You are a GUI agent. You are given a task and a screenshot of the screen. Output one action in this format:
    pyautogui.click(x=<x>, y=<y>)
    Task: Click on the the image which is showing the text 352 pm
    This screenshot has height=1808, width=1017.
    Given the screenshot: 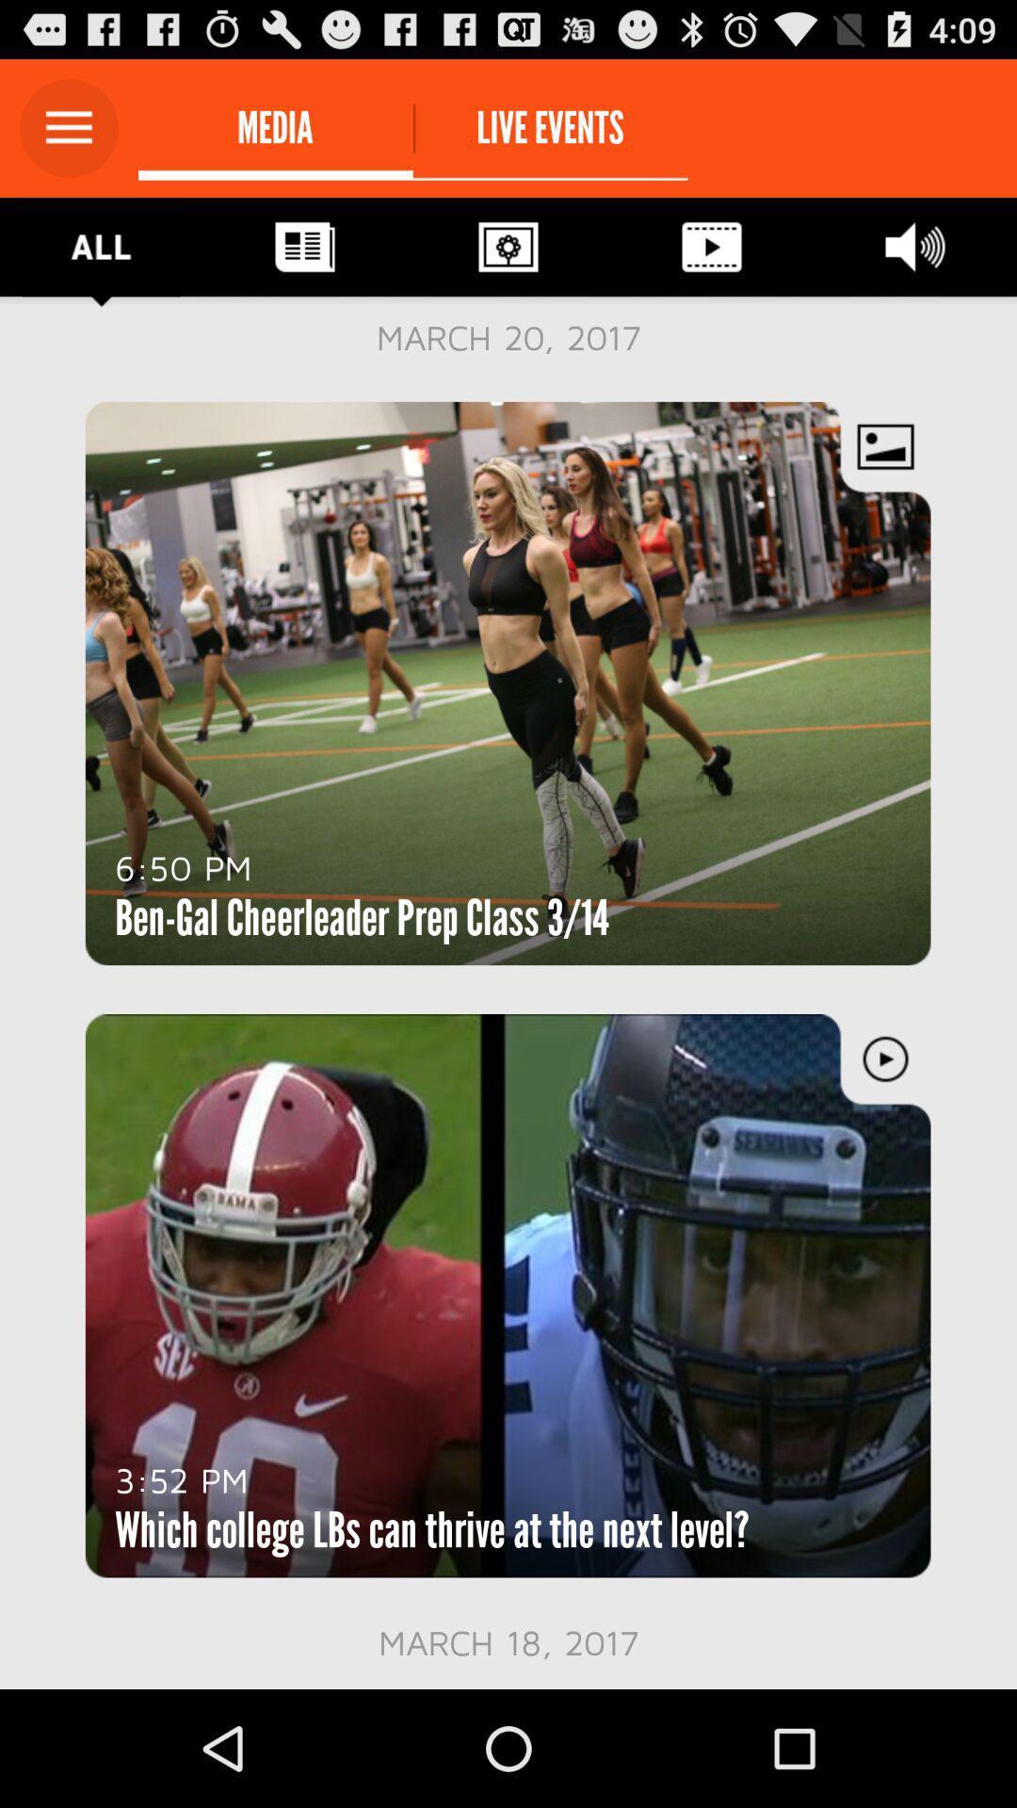 What is the action you would take?
    pyautogui.click(x=508, y=1295)
    